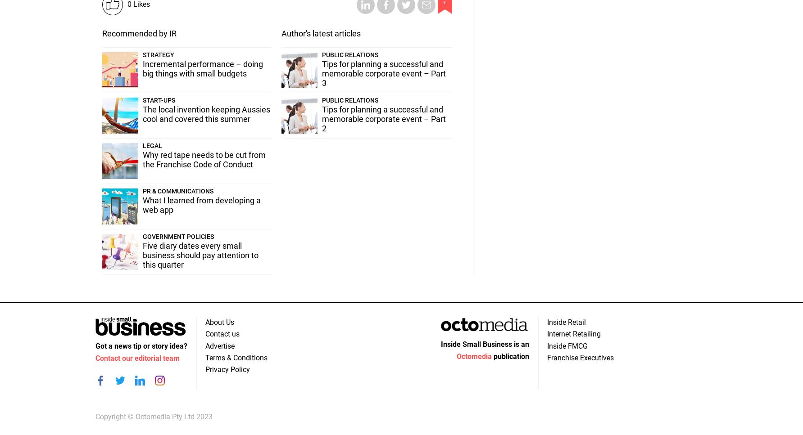 The height and width of the screenshot is (435, 803). I want to click on 'Legal', so click(151, 145).